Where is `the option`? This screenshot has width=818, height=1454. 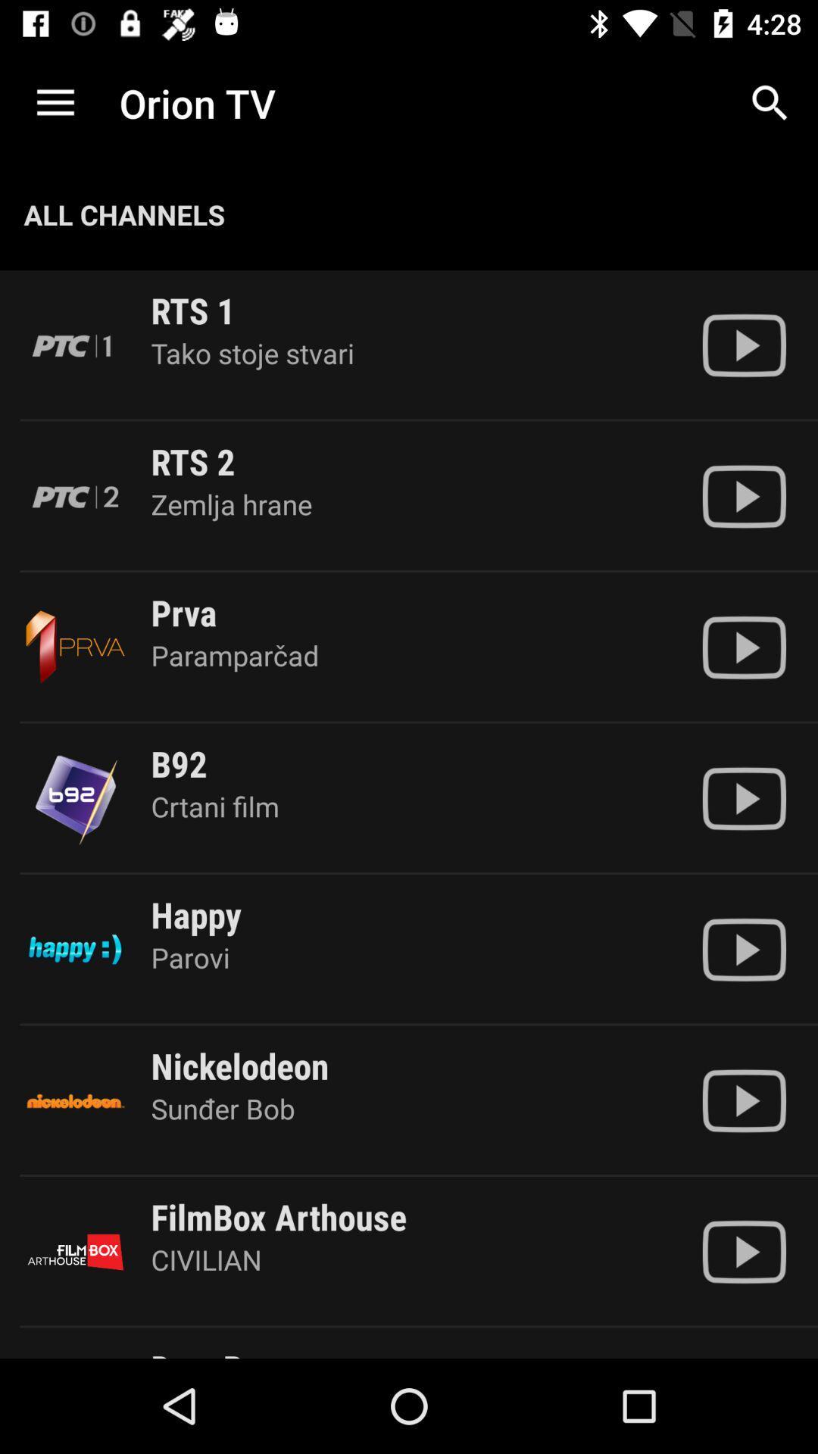 the option is located at coordinates (743, 1100).